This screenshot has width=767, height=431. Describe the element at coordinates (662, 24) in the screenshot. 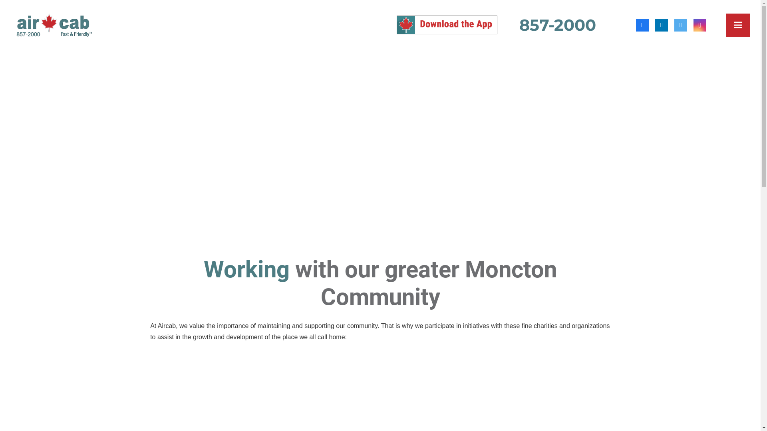

I see `'LinkedIn'` at that location.